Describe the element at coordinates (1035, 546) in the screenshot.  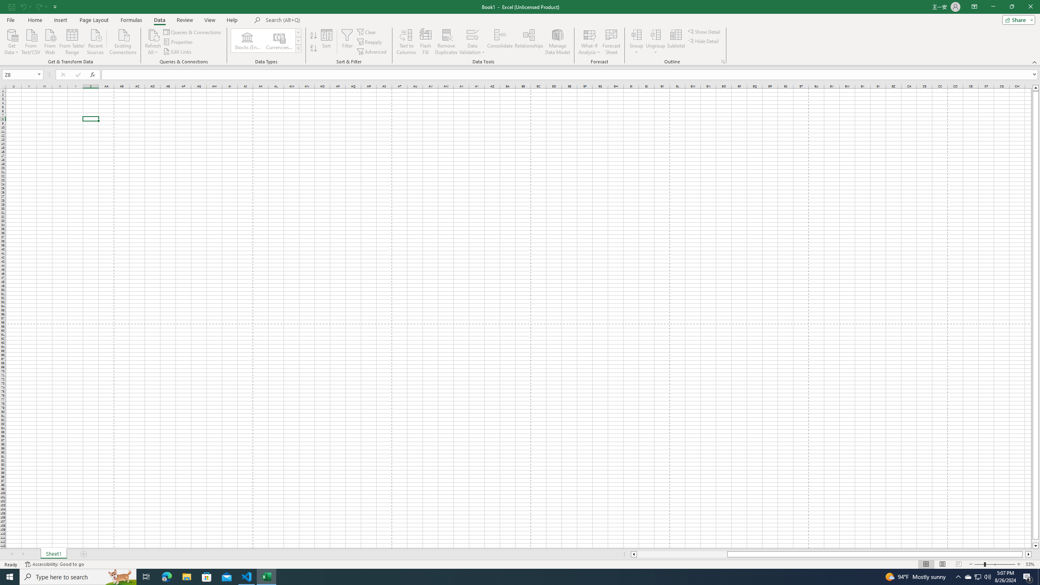
I see `'Line down'` at that location.